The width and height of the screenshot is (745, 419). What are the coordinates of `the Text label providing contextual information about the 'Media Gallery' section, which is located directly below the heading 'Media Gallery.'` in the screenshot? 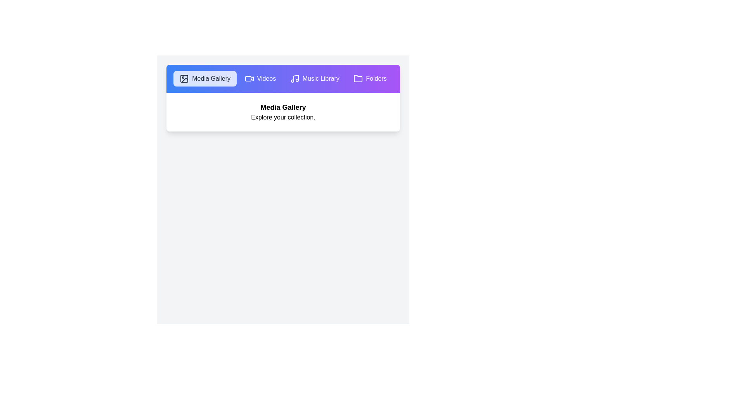 It's located at (282, 118).